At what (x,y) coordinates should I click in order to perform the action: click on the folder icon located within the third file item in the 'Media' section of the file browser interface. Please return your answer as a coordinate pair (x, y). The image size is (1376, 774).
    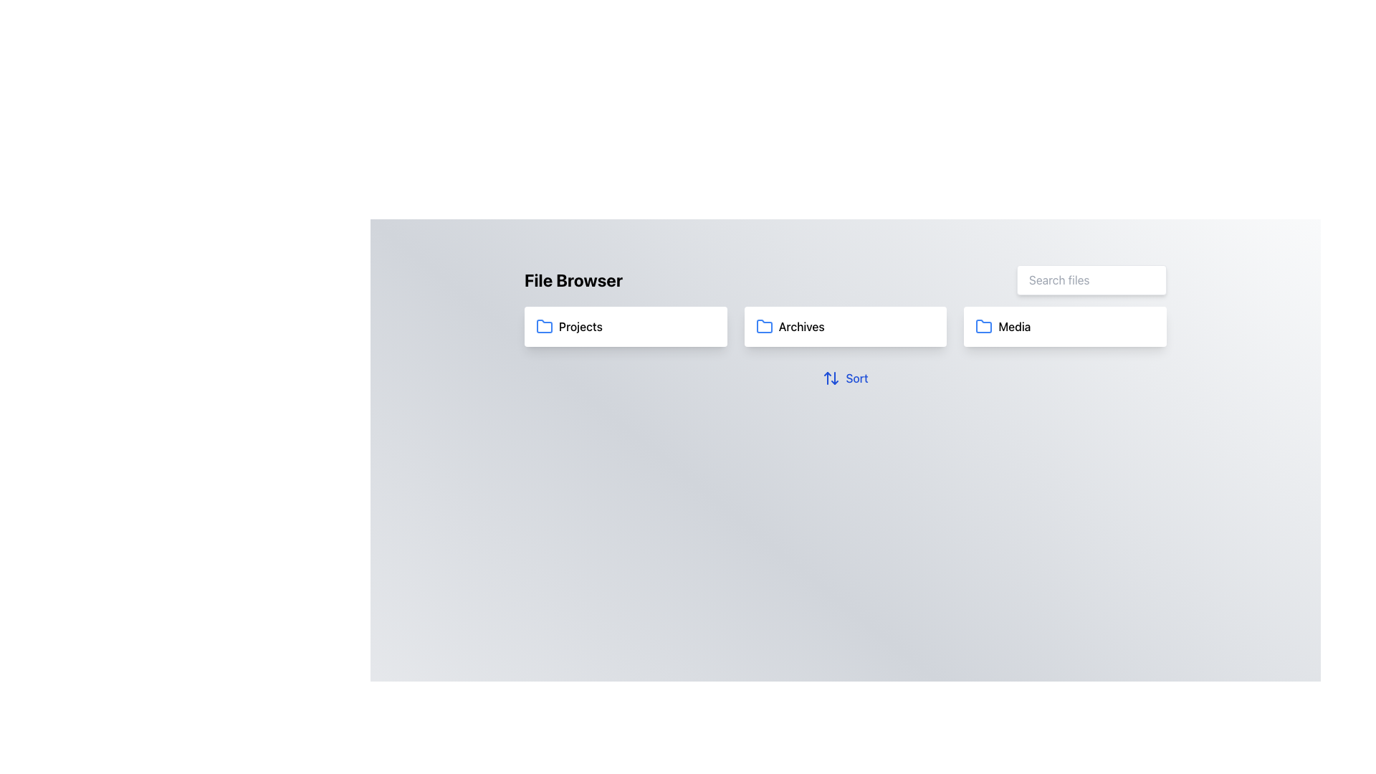
    Looking at the image, I should click on (983, 326).